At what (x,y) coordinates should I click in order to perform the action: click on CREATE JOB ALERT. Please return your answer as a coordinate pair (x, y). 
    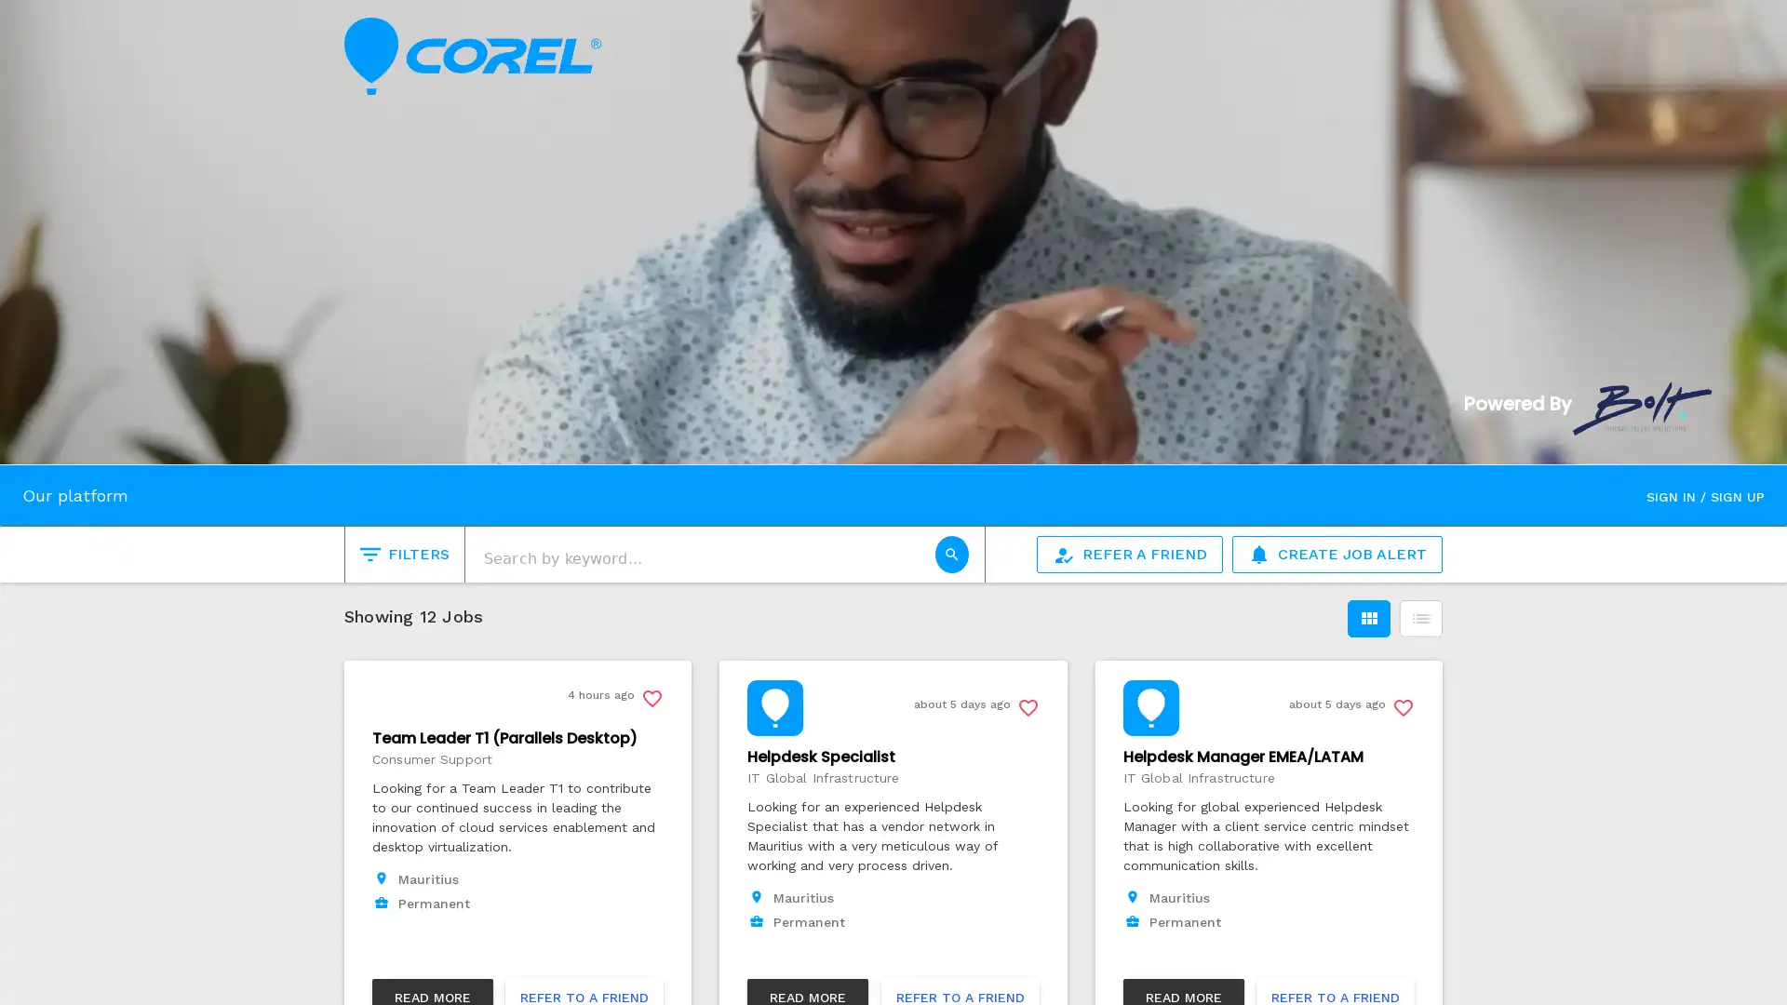
    Looking at the image, I should click on (1336, 554).